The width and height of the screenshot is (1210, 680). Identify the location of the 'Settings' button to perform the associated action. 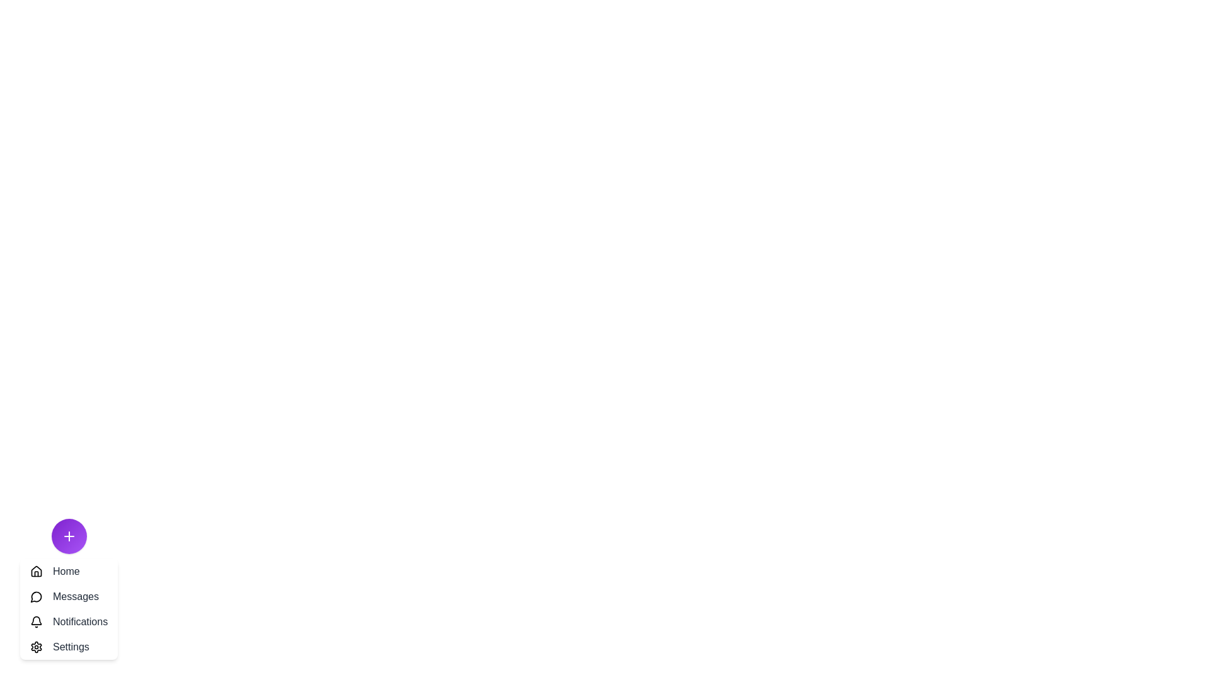
(68, 647).